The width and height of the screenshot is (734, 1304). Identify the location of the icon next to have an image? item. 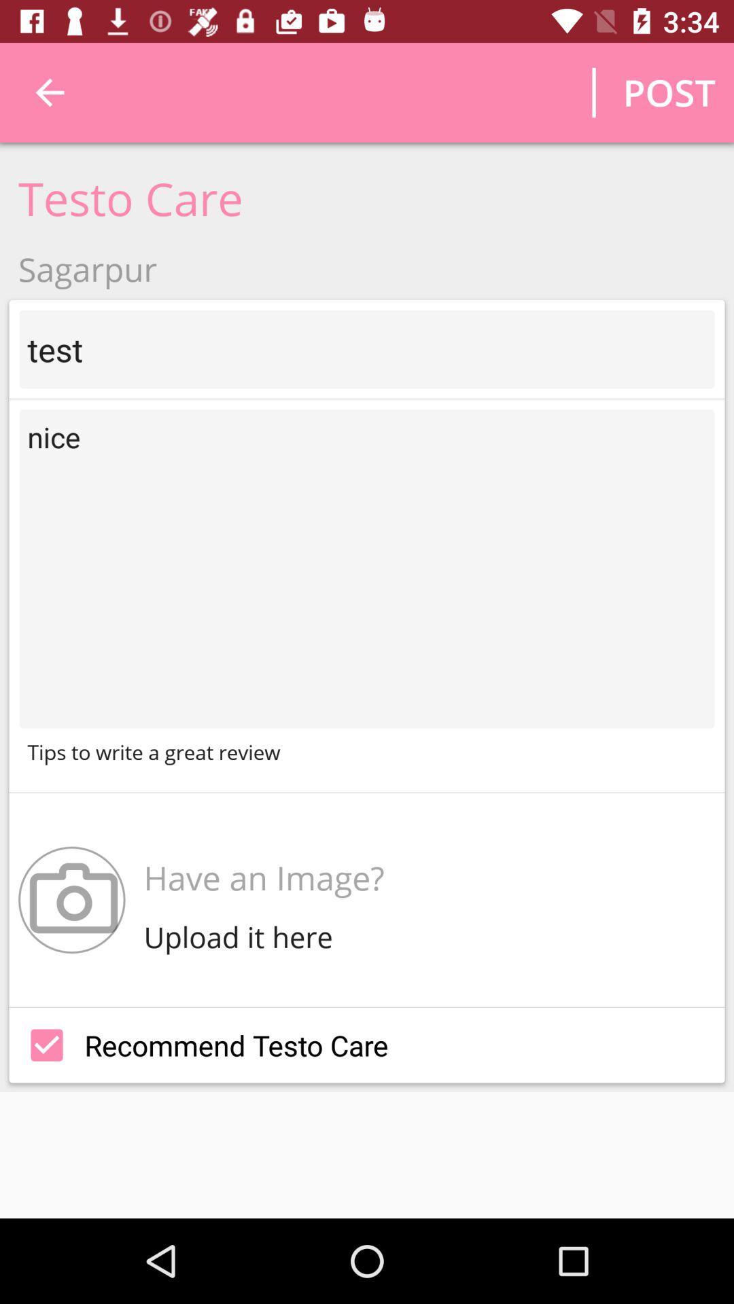
(71, 900).